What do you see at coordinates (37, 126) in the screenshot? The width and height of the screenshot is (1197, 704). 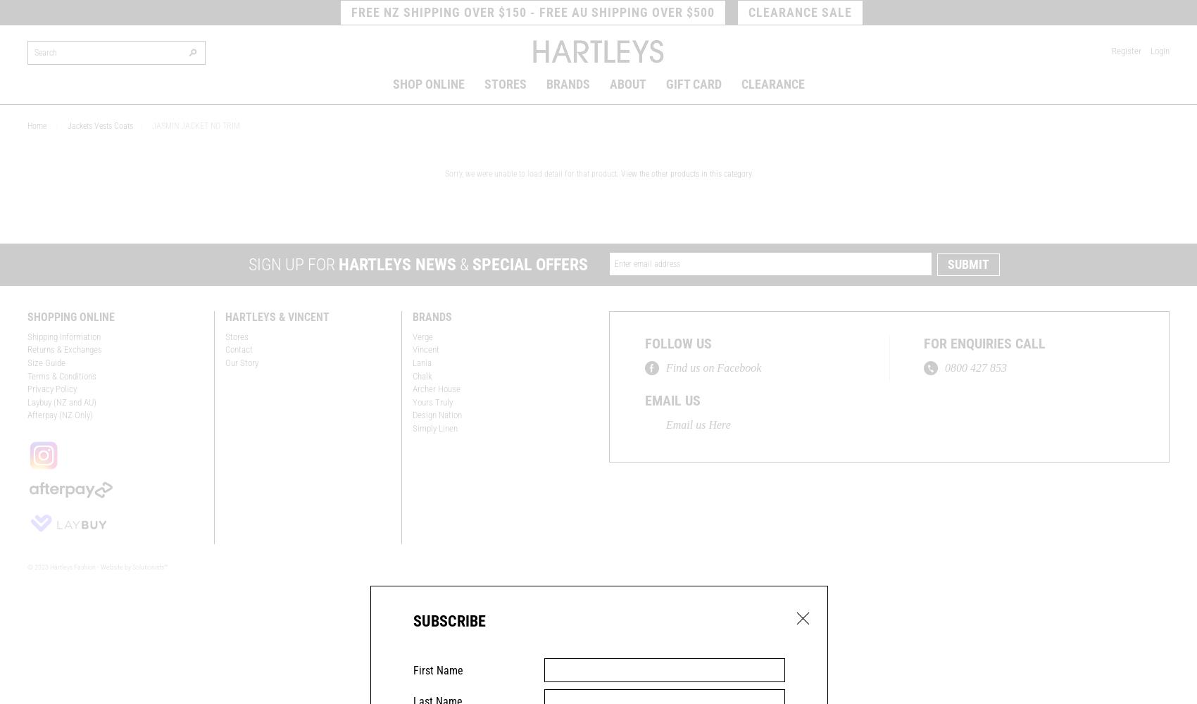 I see `'Home'` at bounding box center [37, 126].